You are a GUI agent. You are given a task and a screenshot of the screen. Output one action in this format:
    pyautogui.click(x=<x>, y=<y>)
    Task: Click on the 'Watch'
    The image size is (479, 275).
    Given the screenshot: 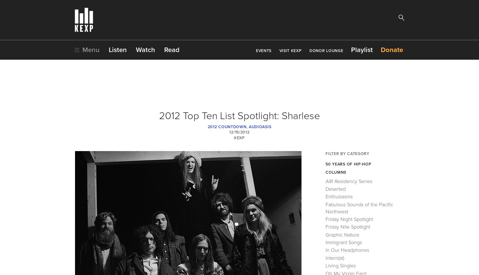 What is the action you would take?
    pyautogui.click(x=145, y=50)
    